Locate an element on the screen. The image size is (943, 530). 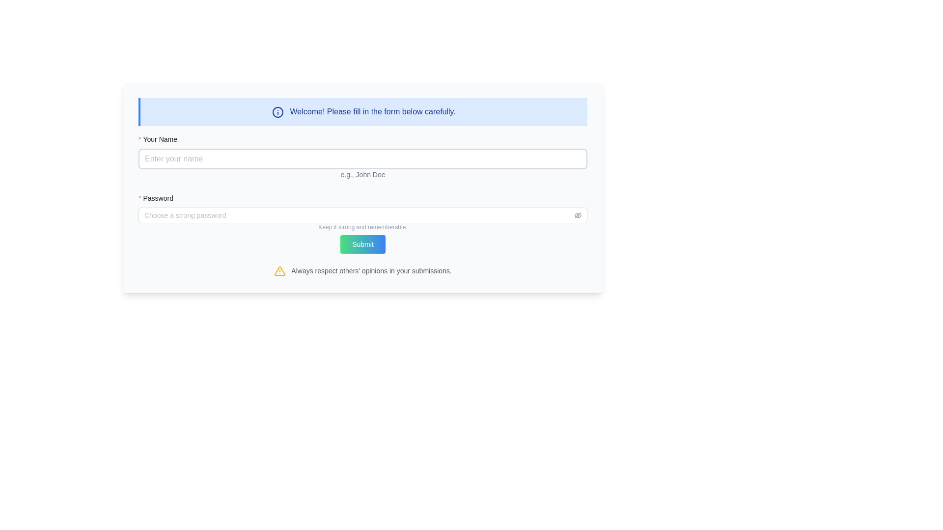
the informational message with the text 'Always respect others' opinions in your submissions.' that includes a yellow alert icon on the left is located at coordinates (362, 270).